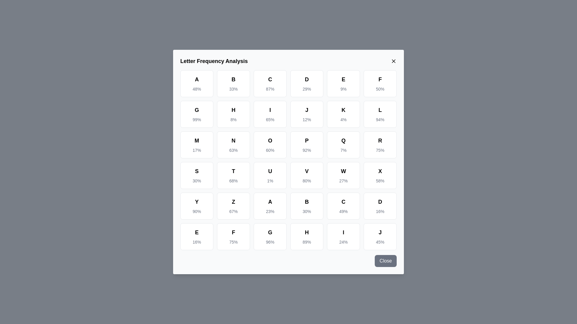 The height and width of the screenshot is (324, 577). Describe the element at coordinates (307, 175) in the screenshot. I see `the letter cell corresponding to V` at that location.